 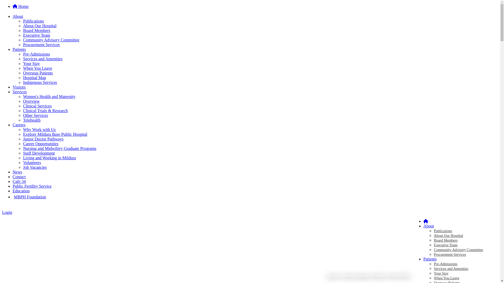 What do you see at coordinates (36, 35) in the screenshot?
I see `'Executive Team'` at bounding box center [36, 35].